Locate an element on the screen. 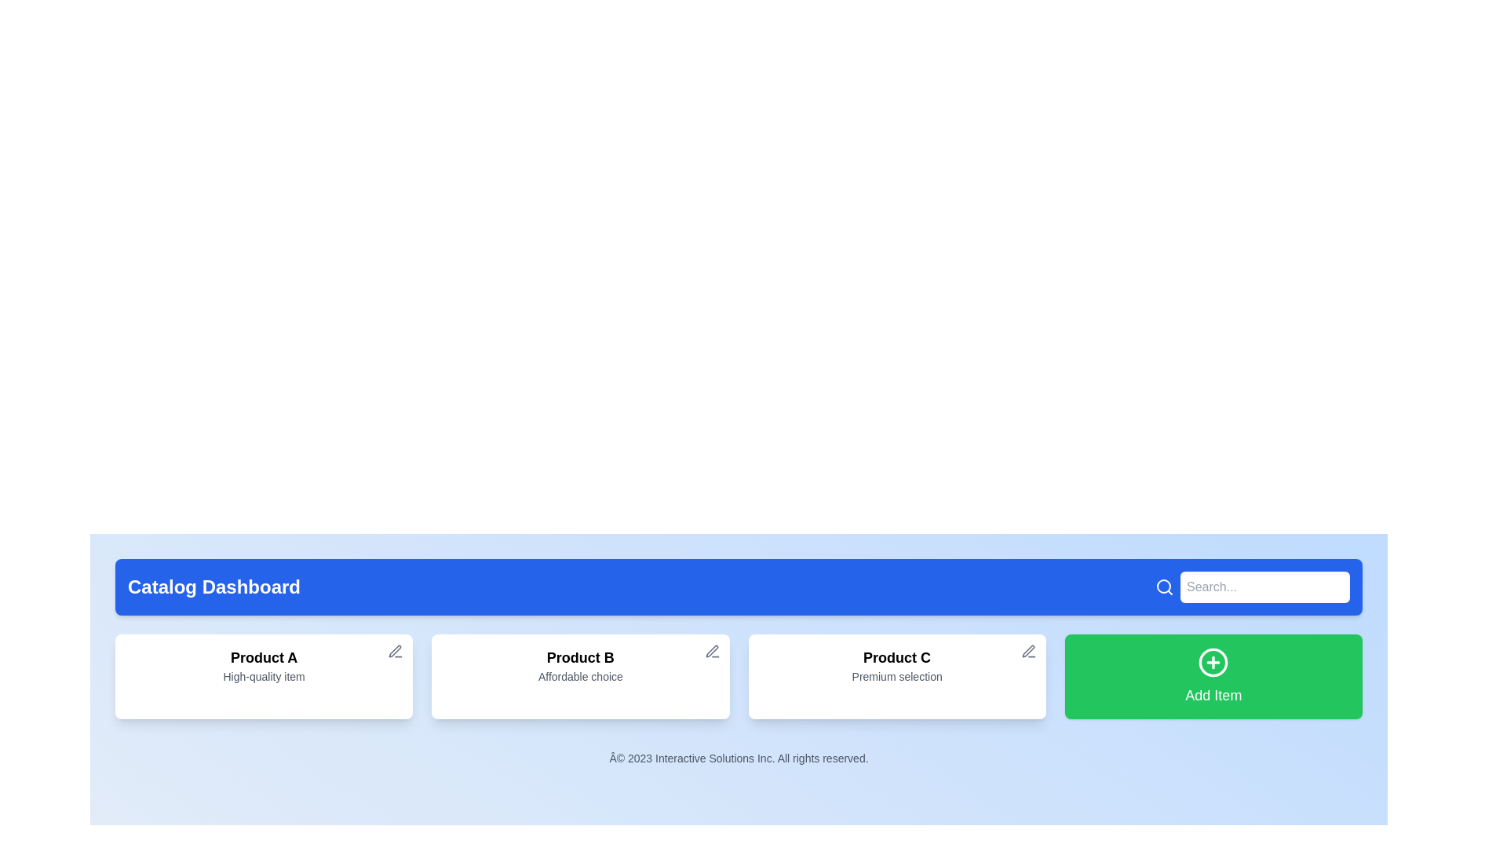 This screenshot has width=1507, height=848. the static text label located in the first card widget from the left, summarizing the content or item represented by the card, which is positioned near the top-left corner above the 'High-quality item' element is located at coordinates (264, 657).